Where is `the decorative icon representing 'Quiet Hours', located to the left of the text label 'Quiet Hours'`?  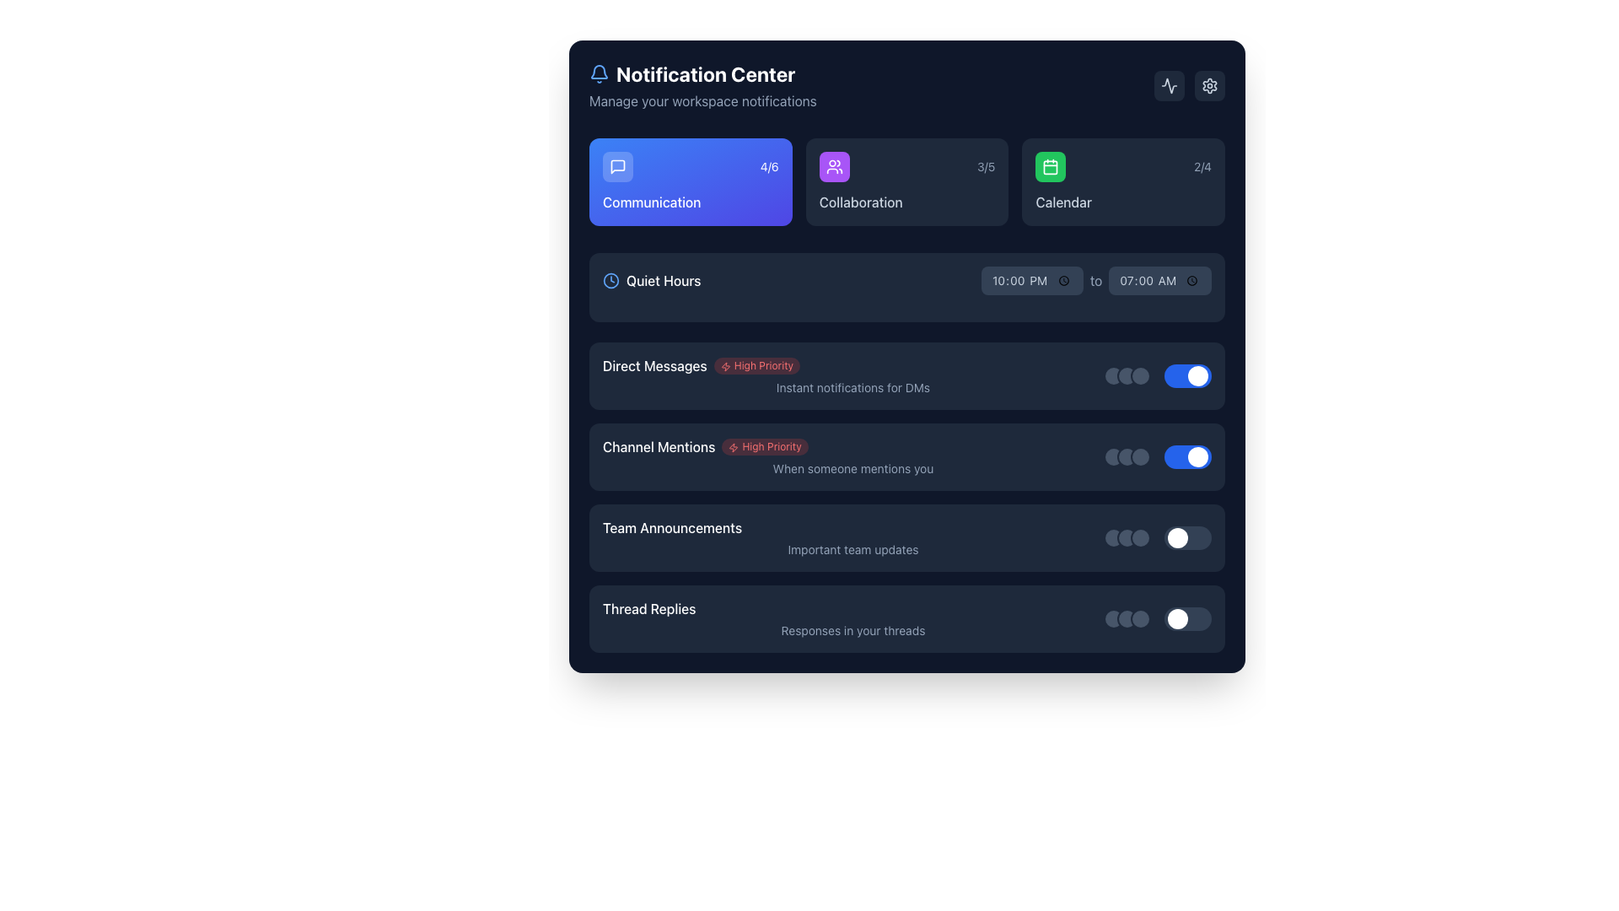 the decorative icon representing 'Quiet Hours', located to the left of the text label 'Quiet Hours' is located at coordinates (610, 279).